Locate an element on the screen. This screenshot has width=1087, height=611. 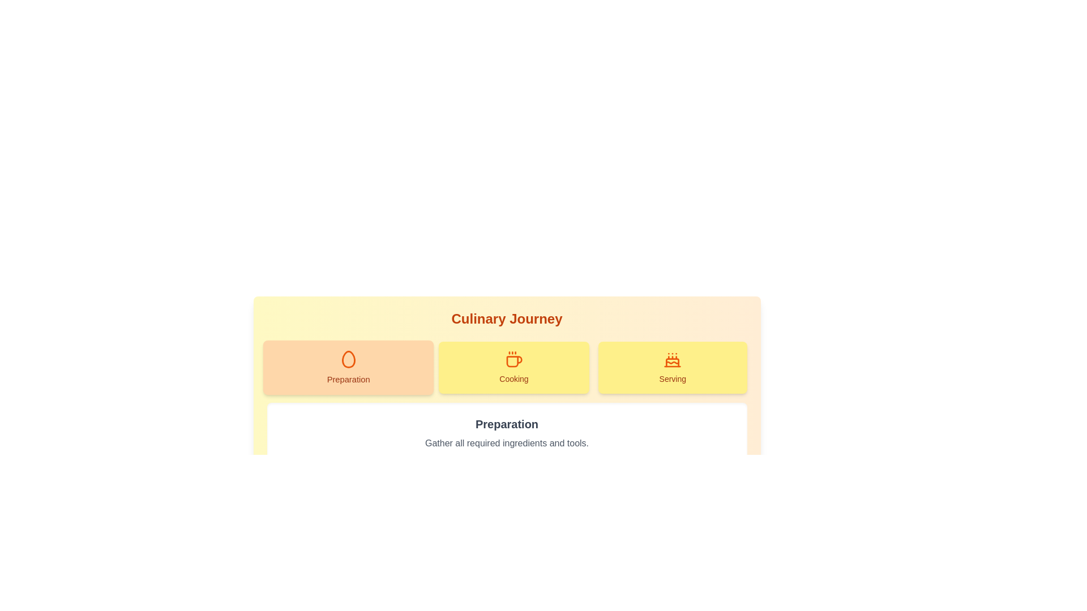
the 'Serving' informational card, which is the third card in a horizontal row of cards labeled 'Preparation,' 'Cooking,' and 'Serving.' It is positioned at the rightmost end of the row is located at coordinates (673, 368).